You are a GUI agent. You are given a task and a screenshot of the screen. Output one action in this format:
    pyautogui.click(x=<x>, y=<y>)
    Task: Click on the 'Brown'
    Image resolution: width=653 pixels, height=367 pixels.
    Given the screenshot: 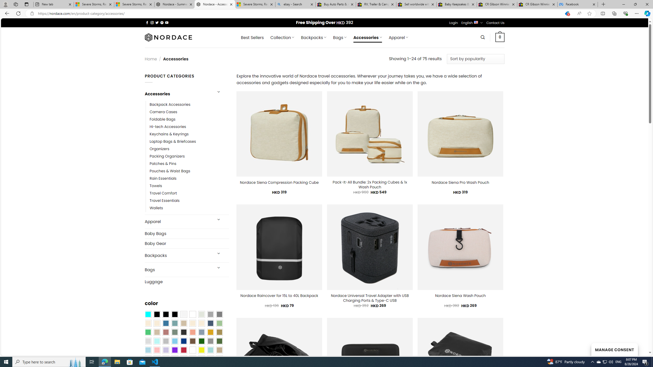 What is the action you would take?
    pyautogui.click(x=192, y=341)
    